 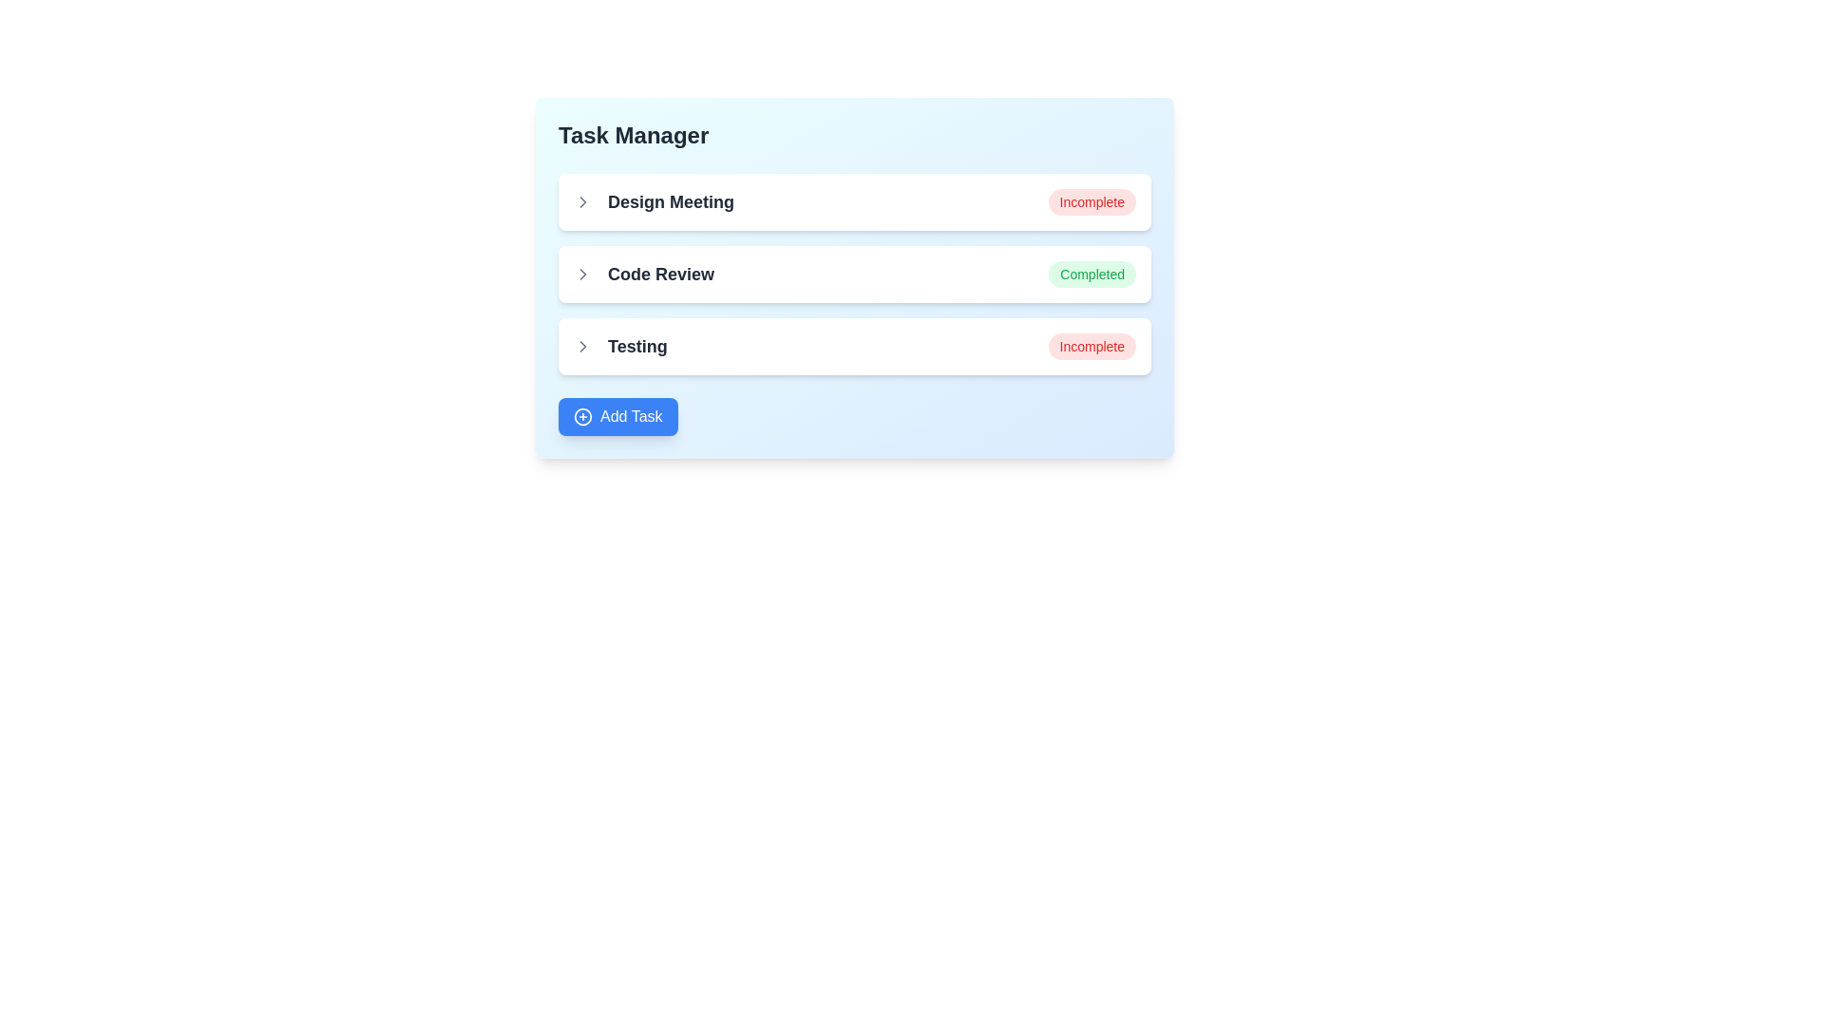 What do you see at coordinates (617, 416) in the screenshot?
I see `'Add Task' button to initiate adding a new task` at bounding box center [617, 416].